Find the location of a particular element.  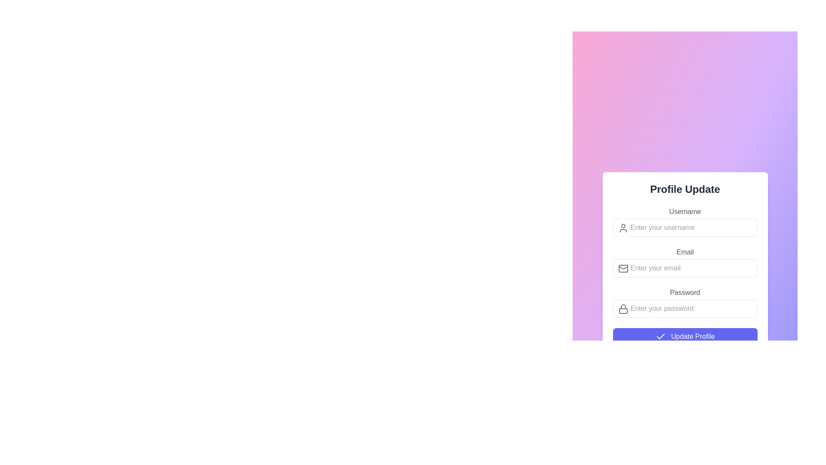

the email icon located to the left of the 'Enter your email' input field in the profile update form is located at coordinates (623, 268).